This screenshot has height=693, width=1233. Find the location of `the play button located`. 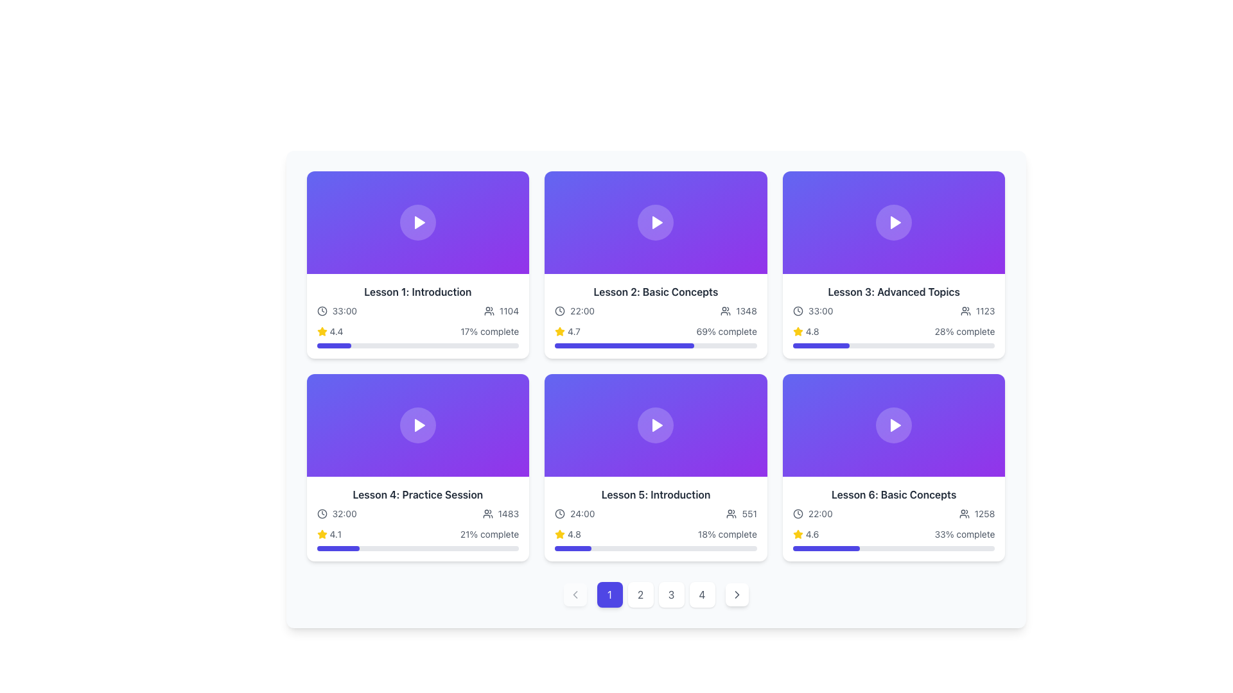

the play button located is located at coordinates (895, 425).